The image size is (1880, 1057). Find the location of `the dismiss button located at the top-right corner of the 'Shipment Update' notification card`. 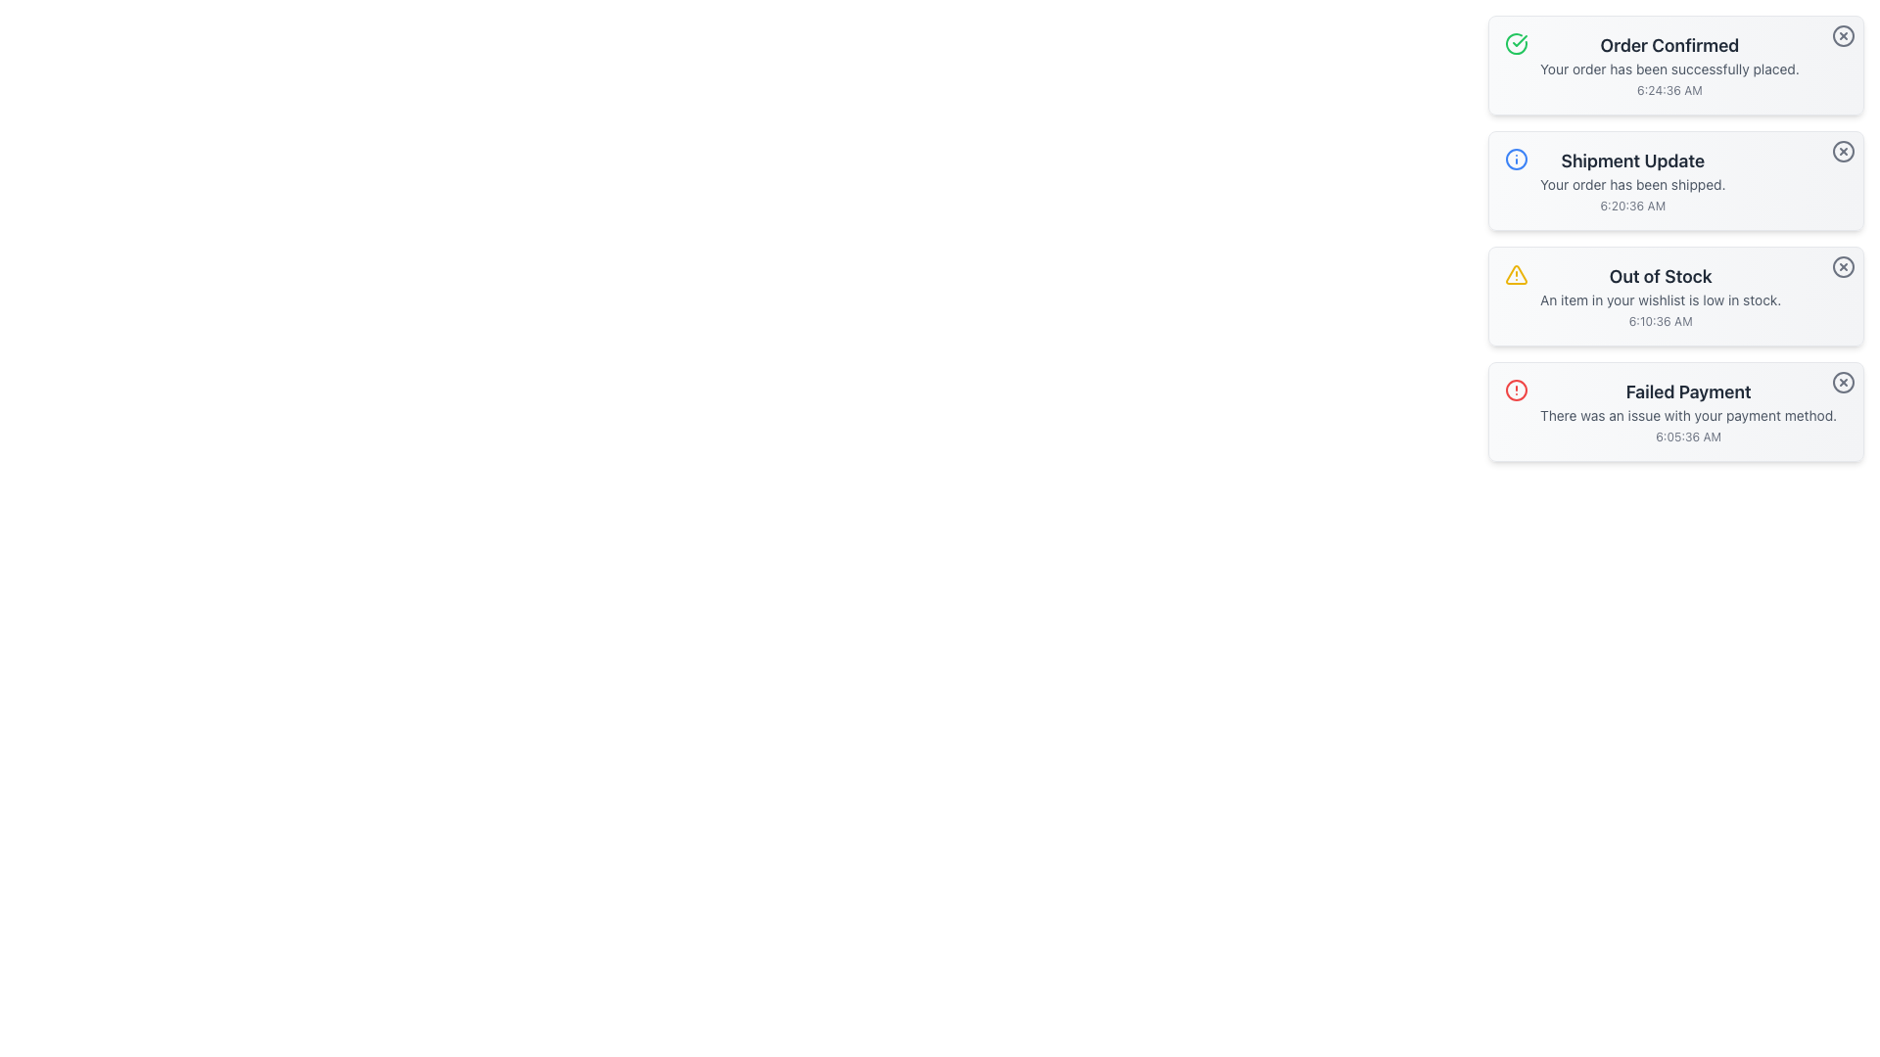

the dismiss button located at the top-right corner of the 'Shipment Update' notification card is located at coordinates (1842, 150).